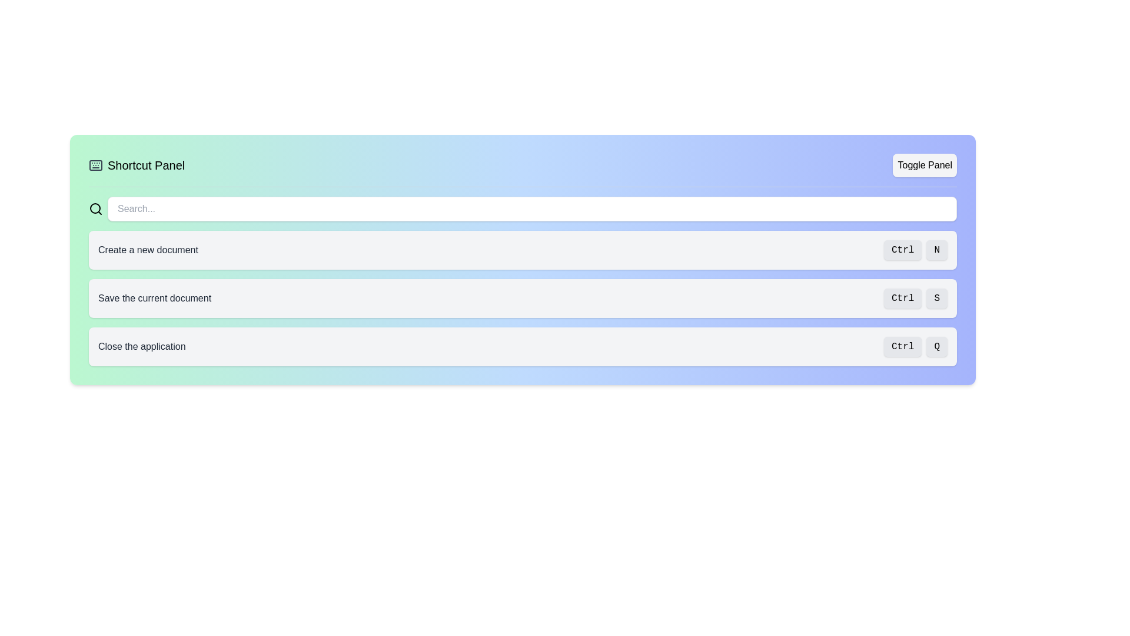 The image size is (1130, 636). I want to click on the static label styled as a button indicating a keyboard shortcut, positioned to the left of the button labeled 'N' in the third section of the vertical list of shortcut entries for 'Create a new document', so click(902, 249).